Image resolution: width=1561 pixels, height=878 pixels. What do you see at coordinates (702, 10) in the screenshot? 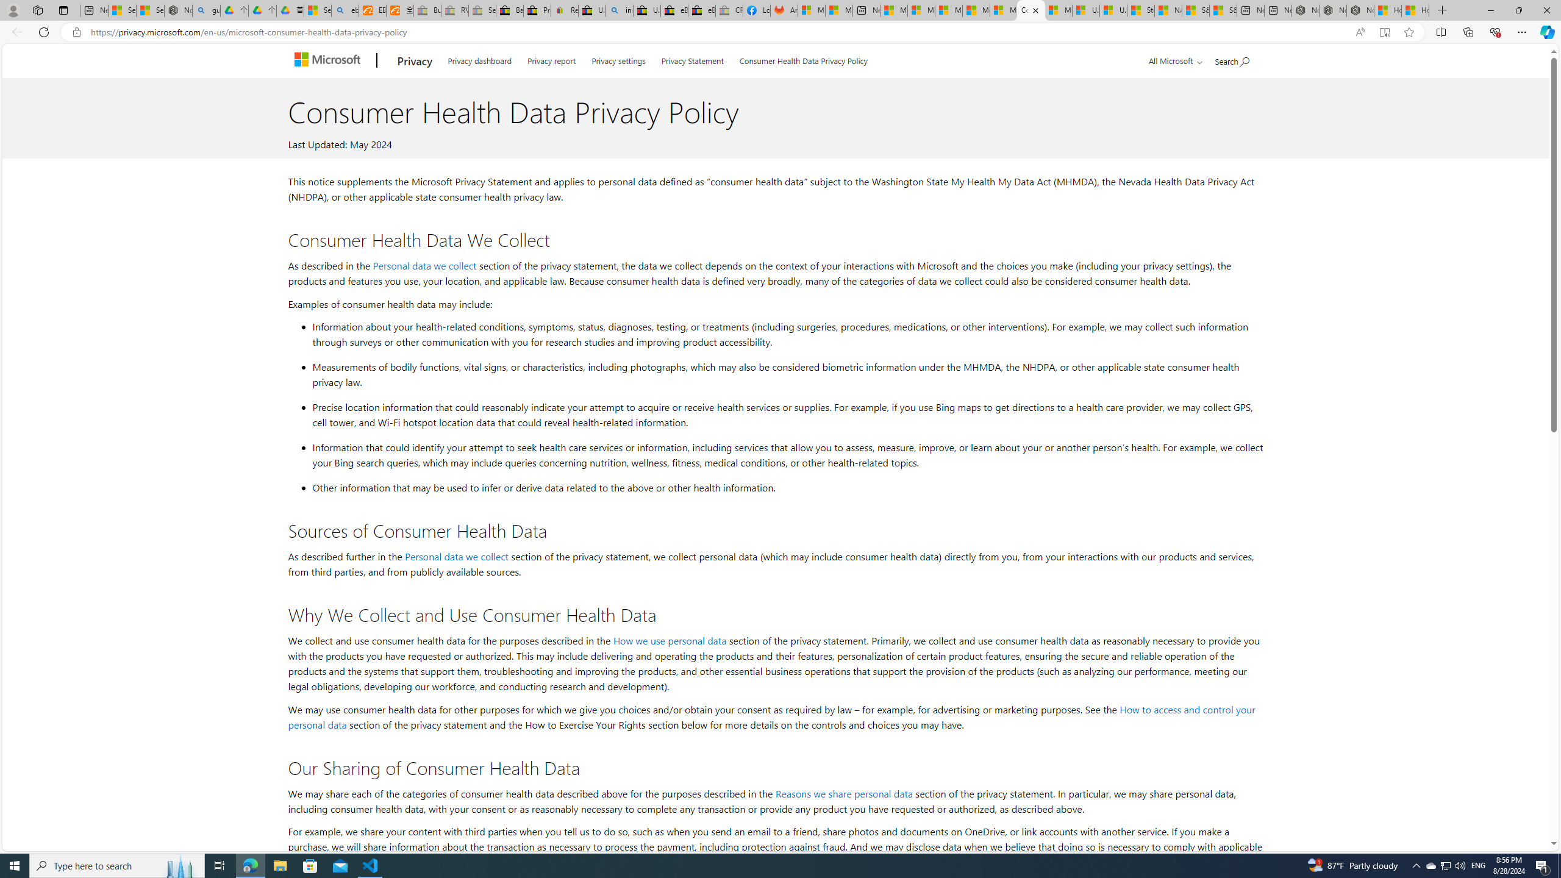
I see `'eBay Inc. Reports Third Quarter 2023 Results'` at bounding box center [702, 10].